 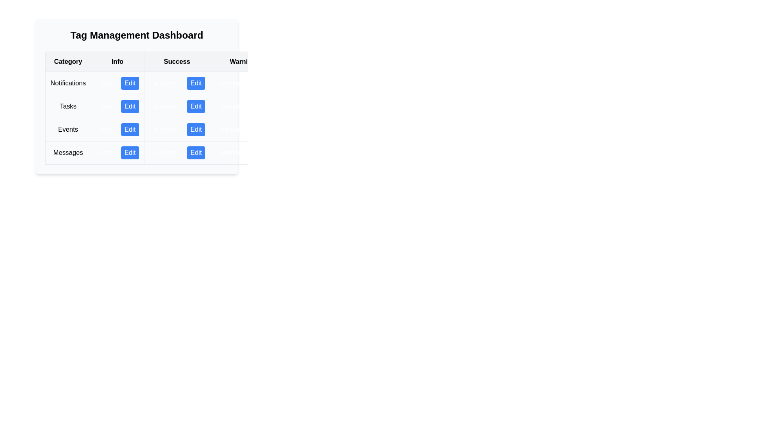 I want to click on the column header text that indicates 'Success' within the table under the 'Tag Management Dashboard', so click(x=188, y=61).